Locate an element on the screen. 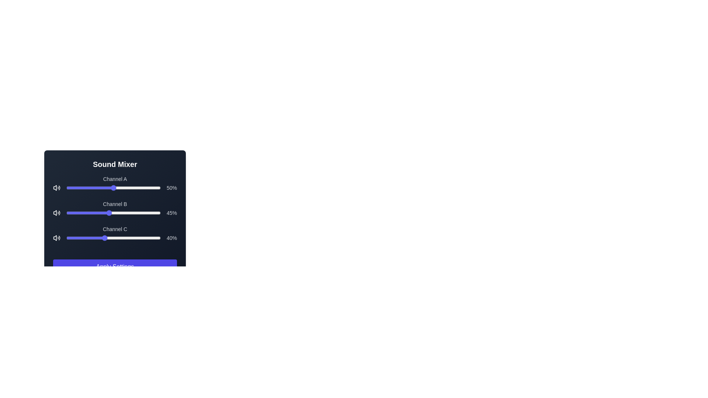 Image resolution: width=708 pixels, height=398 pixels. the mute/unmute graphical icon for Channel A located in the top-left part of the Sound Mixer interface is located at coordinates (55, 187).